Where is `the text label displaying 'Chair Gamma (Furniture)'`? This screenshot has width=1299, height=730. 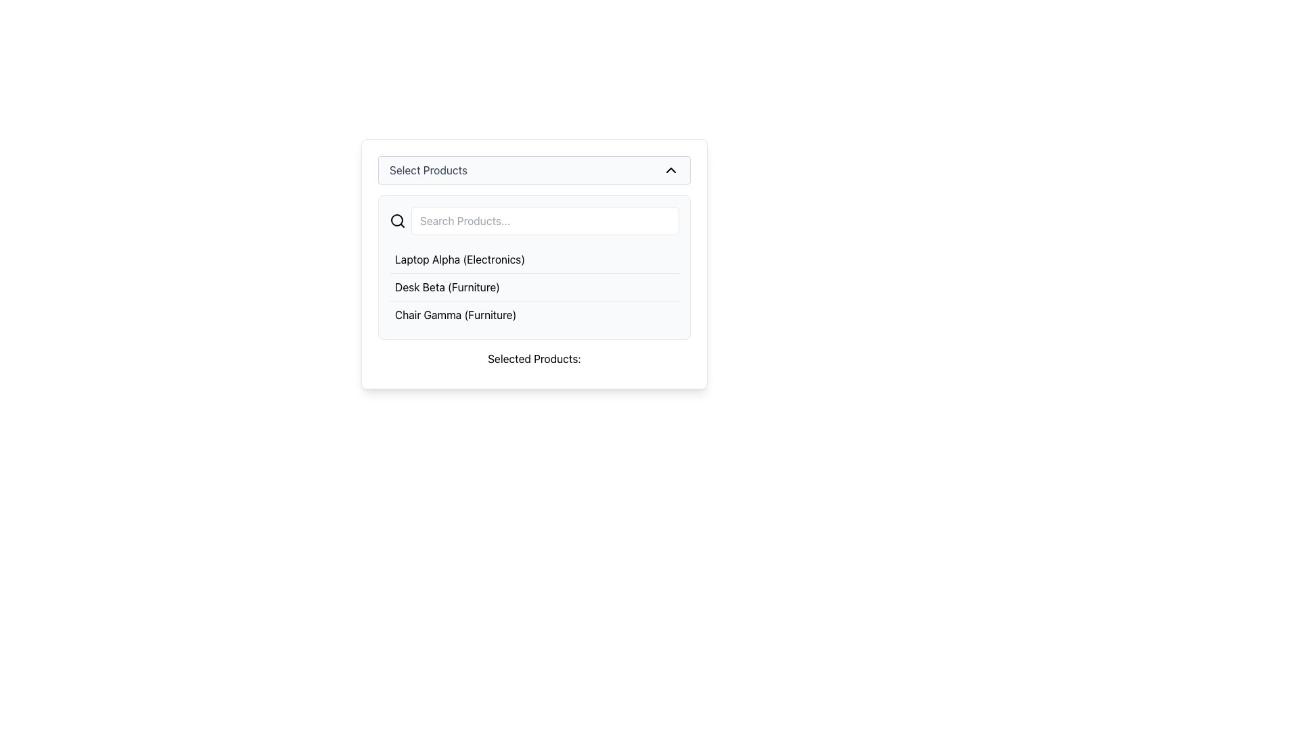
the text label displaying 'Chair Gamma (Furniture)' is located at coordinates (455, 315).